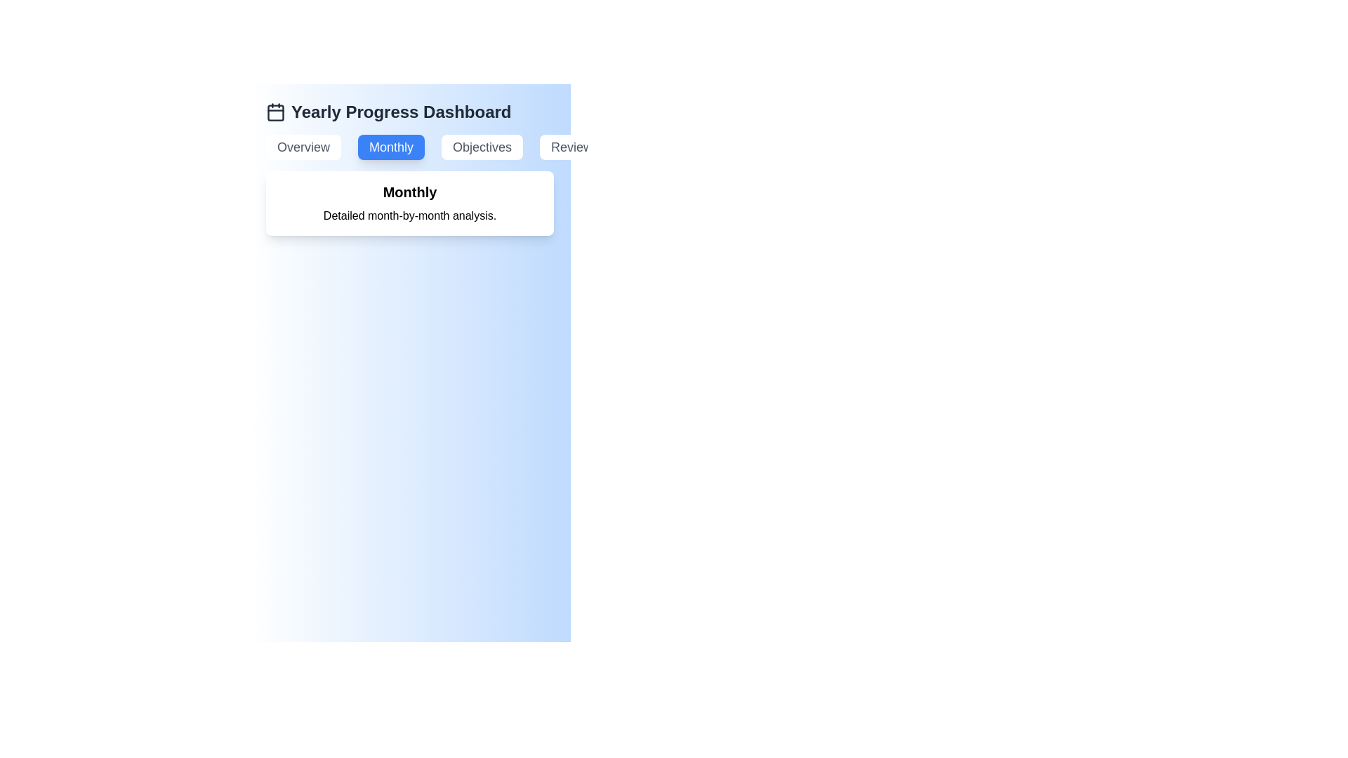 Image resolution: width=1348 pixels, height=758 pixels. I want to click on the Review tab by clicking on its corresponding button, so click(571, 147).